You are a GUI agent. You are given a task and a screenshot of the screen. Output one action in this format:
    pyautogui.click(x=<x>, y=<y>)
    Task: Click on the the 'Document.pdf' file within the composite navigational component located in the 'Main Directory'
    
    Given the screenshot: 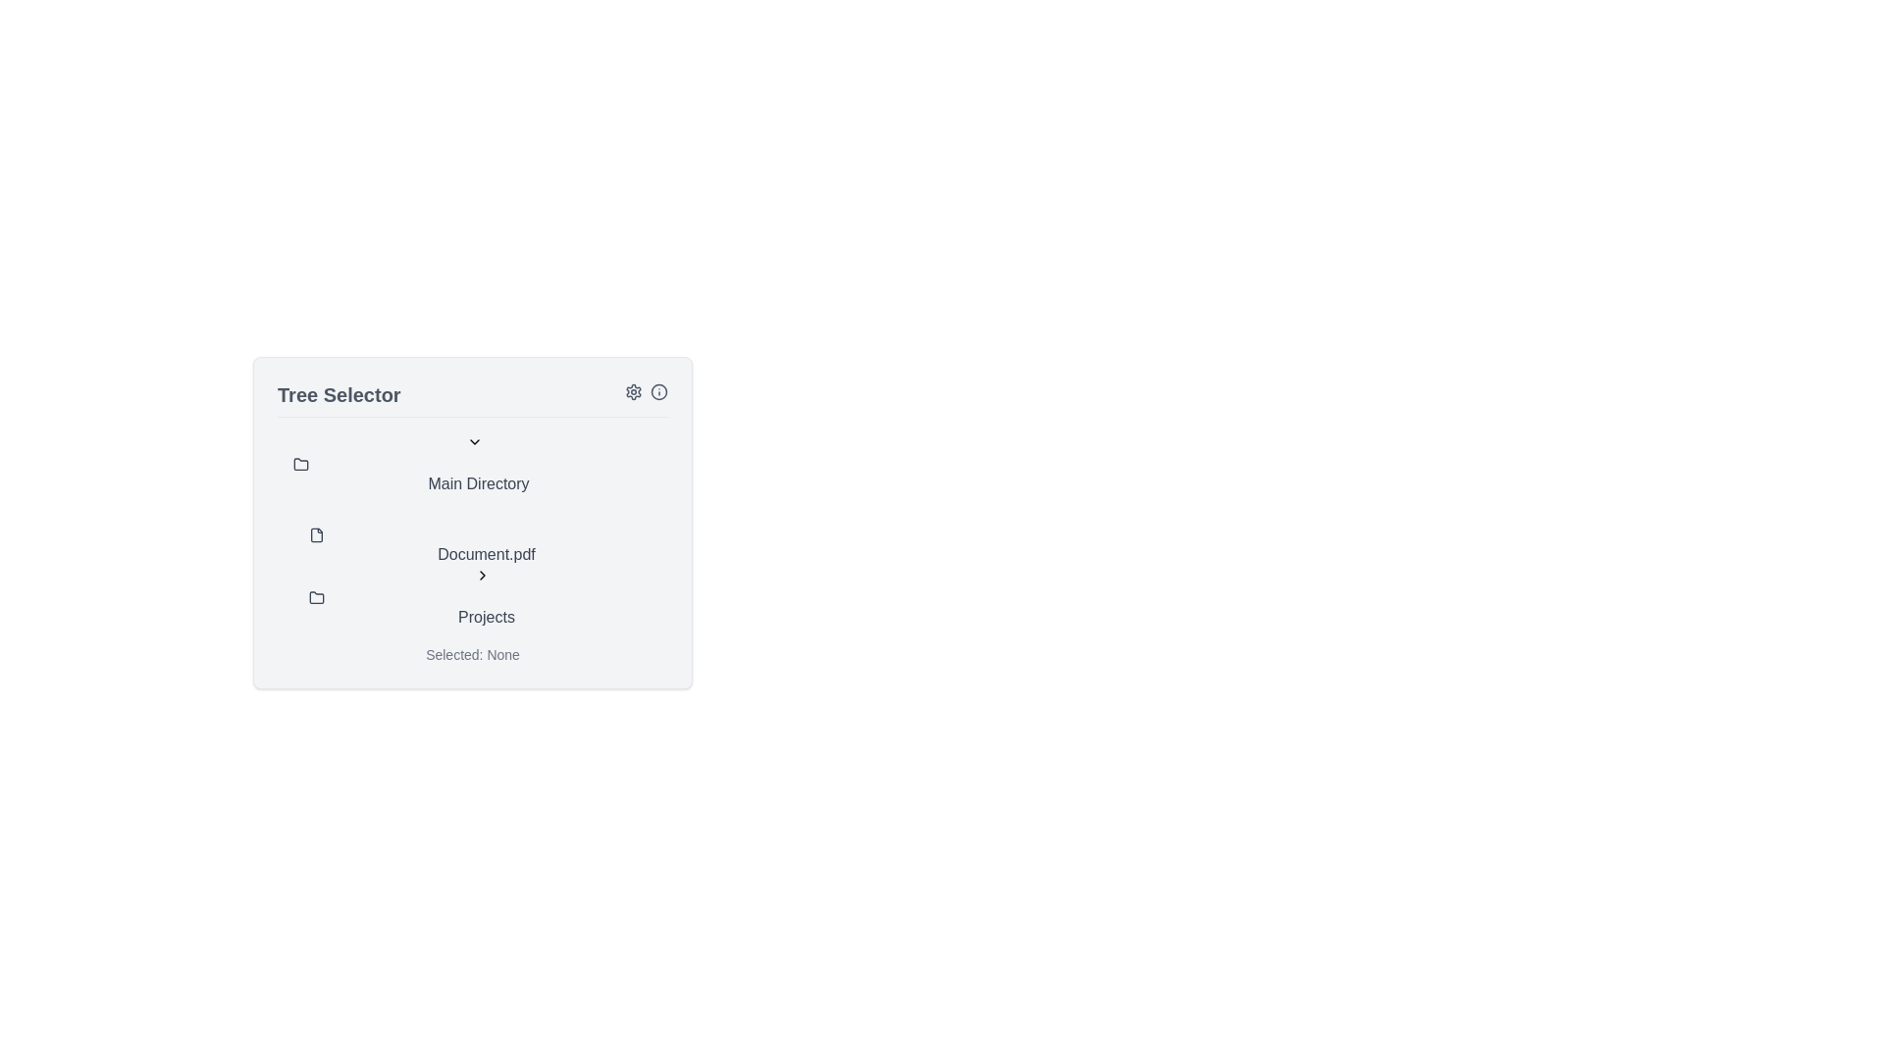 What is the action you would take?
    pyautogui.click(x=489, y=567)
    